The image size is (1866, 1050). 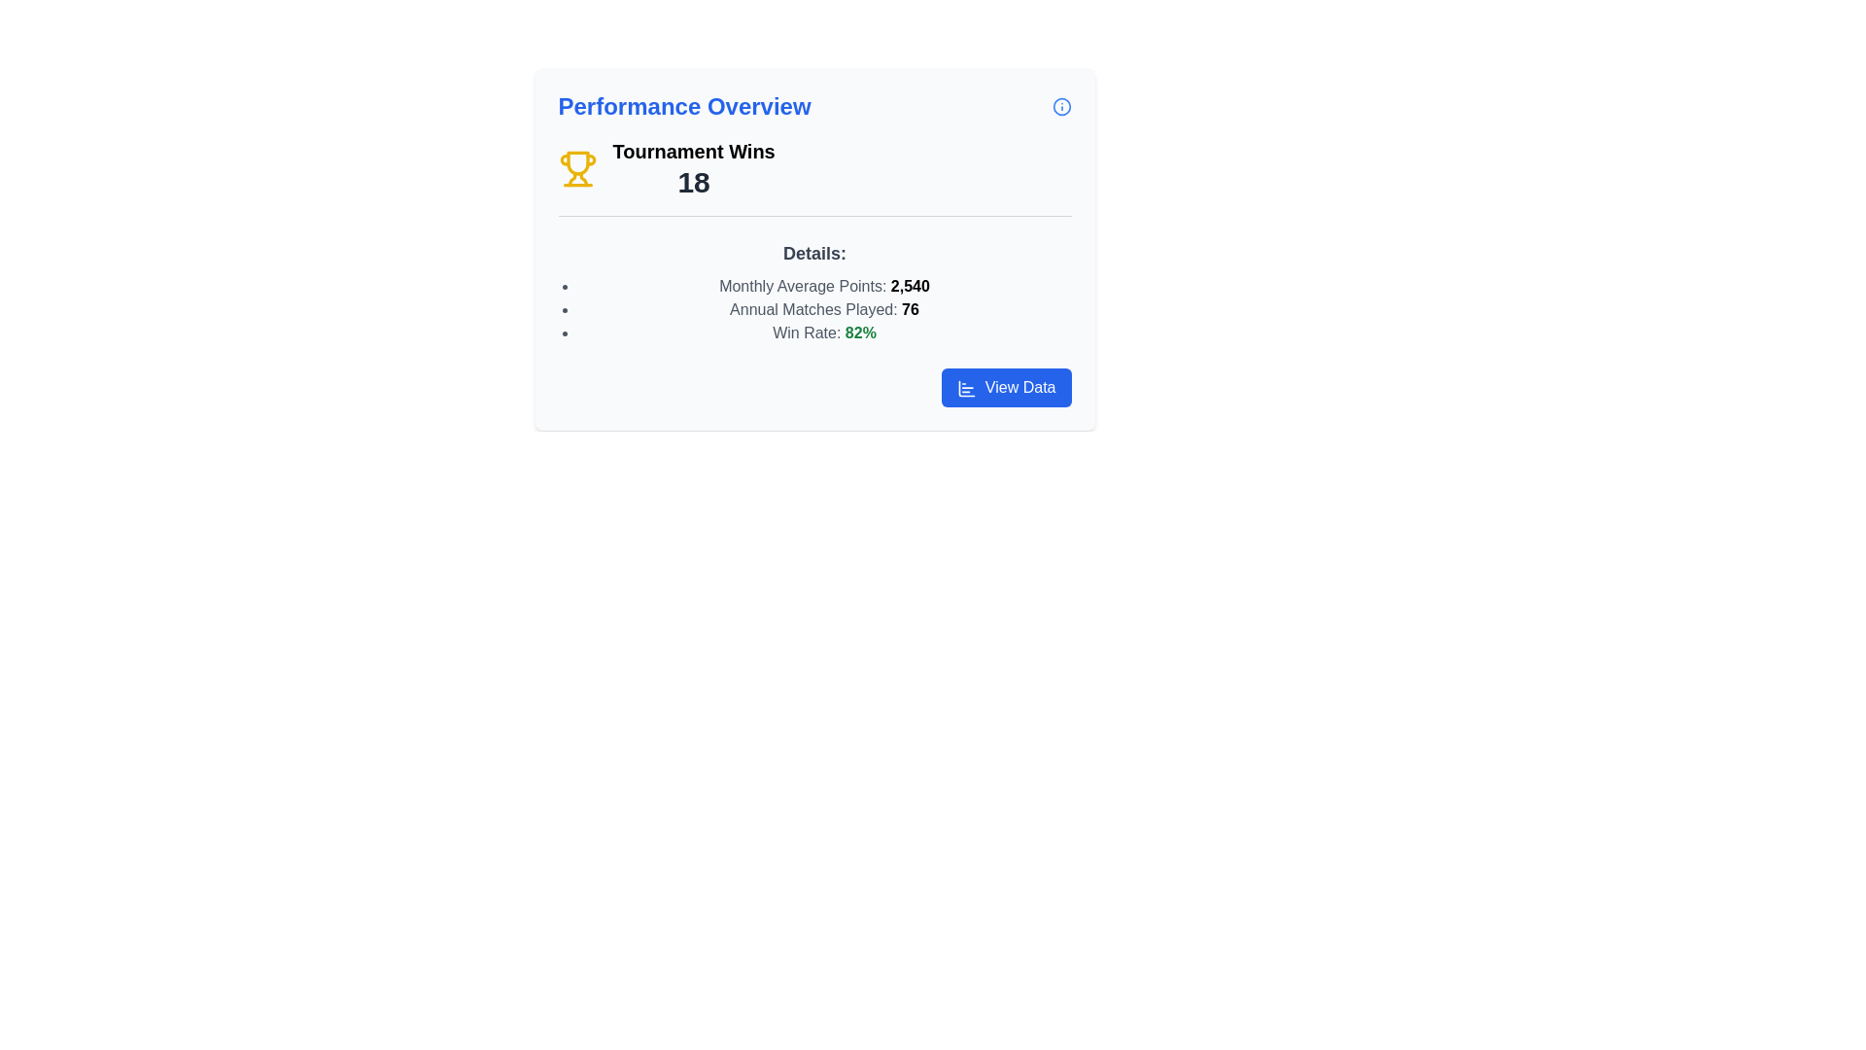 What do you see at coordinates (824, 332) in the screenshot?
I see `the Text Display that shows the player's win rate percentage, located in the 'Details:' section of the 'Performance Overview' card, specifically the last item in the bullet-pointed list` at bounding box center [824, 332].